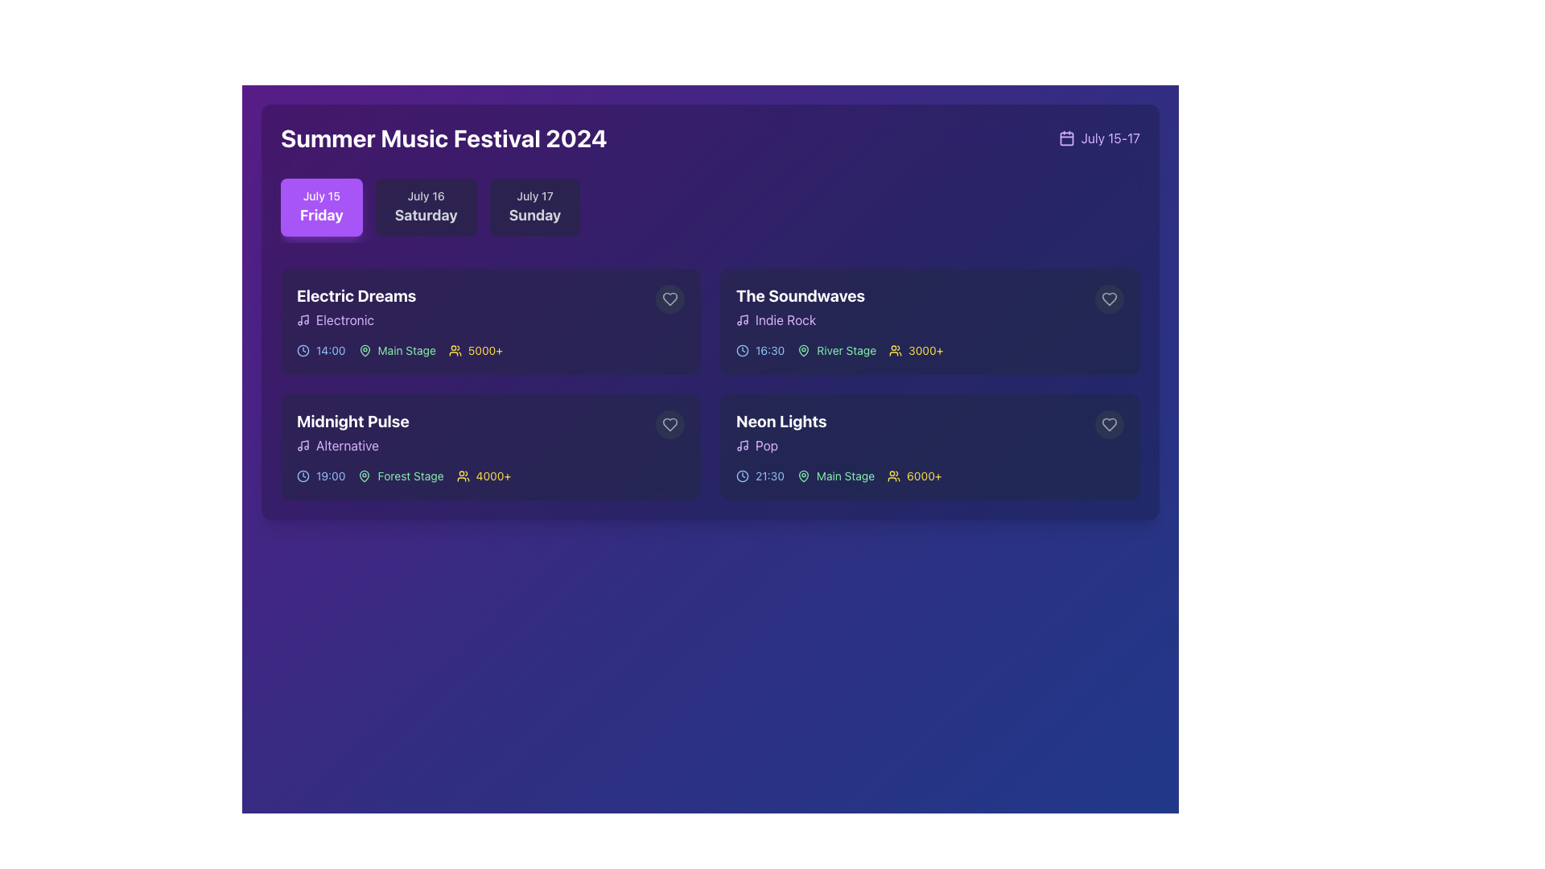 The width and height of the screenshot is (1545, 869). I want to click on the heart-shaped icon in the bottom-right card for the event 'Neon Lights', so click(1108, 424).